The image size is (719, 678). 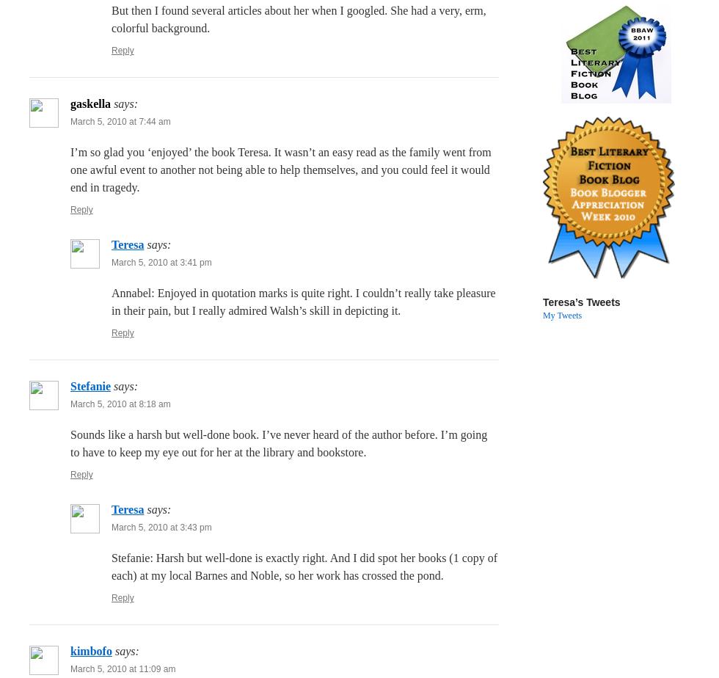 What do you see at coordinates (120, 404) in the screenshot?
I see `'March 5, 2010 at 8:18 am'` at bounding box center [120, 404].